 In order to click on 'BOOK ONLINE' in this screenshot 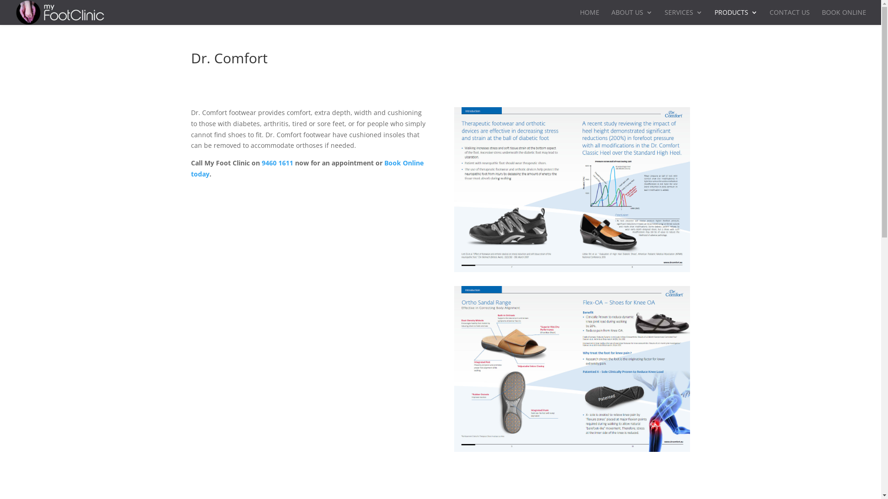, I will do `click(844, 17)`.